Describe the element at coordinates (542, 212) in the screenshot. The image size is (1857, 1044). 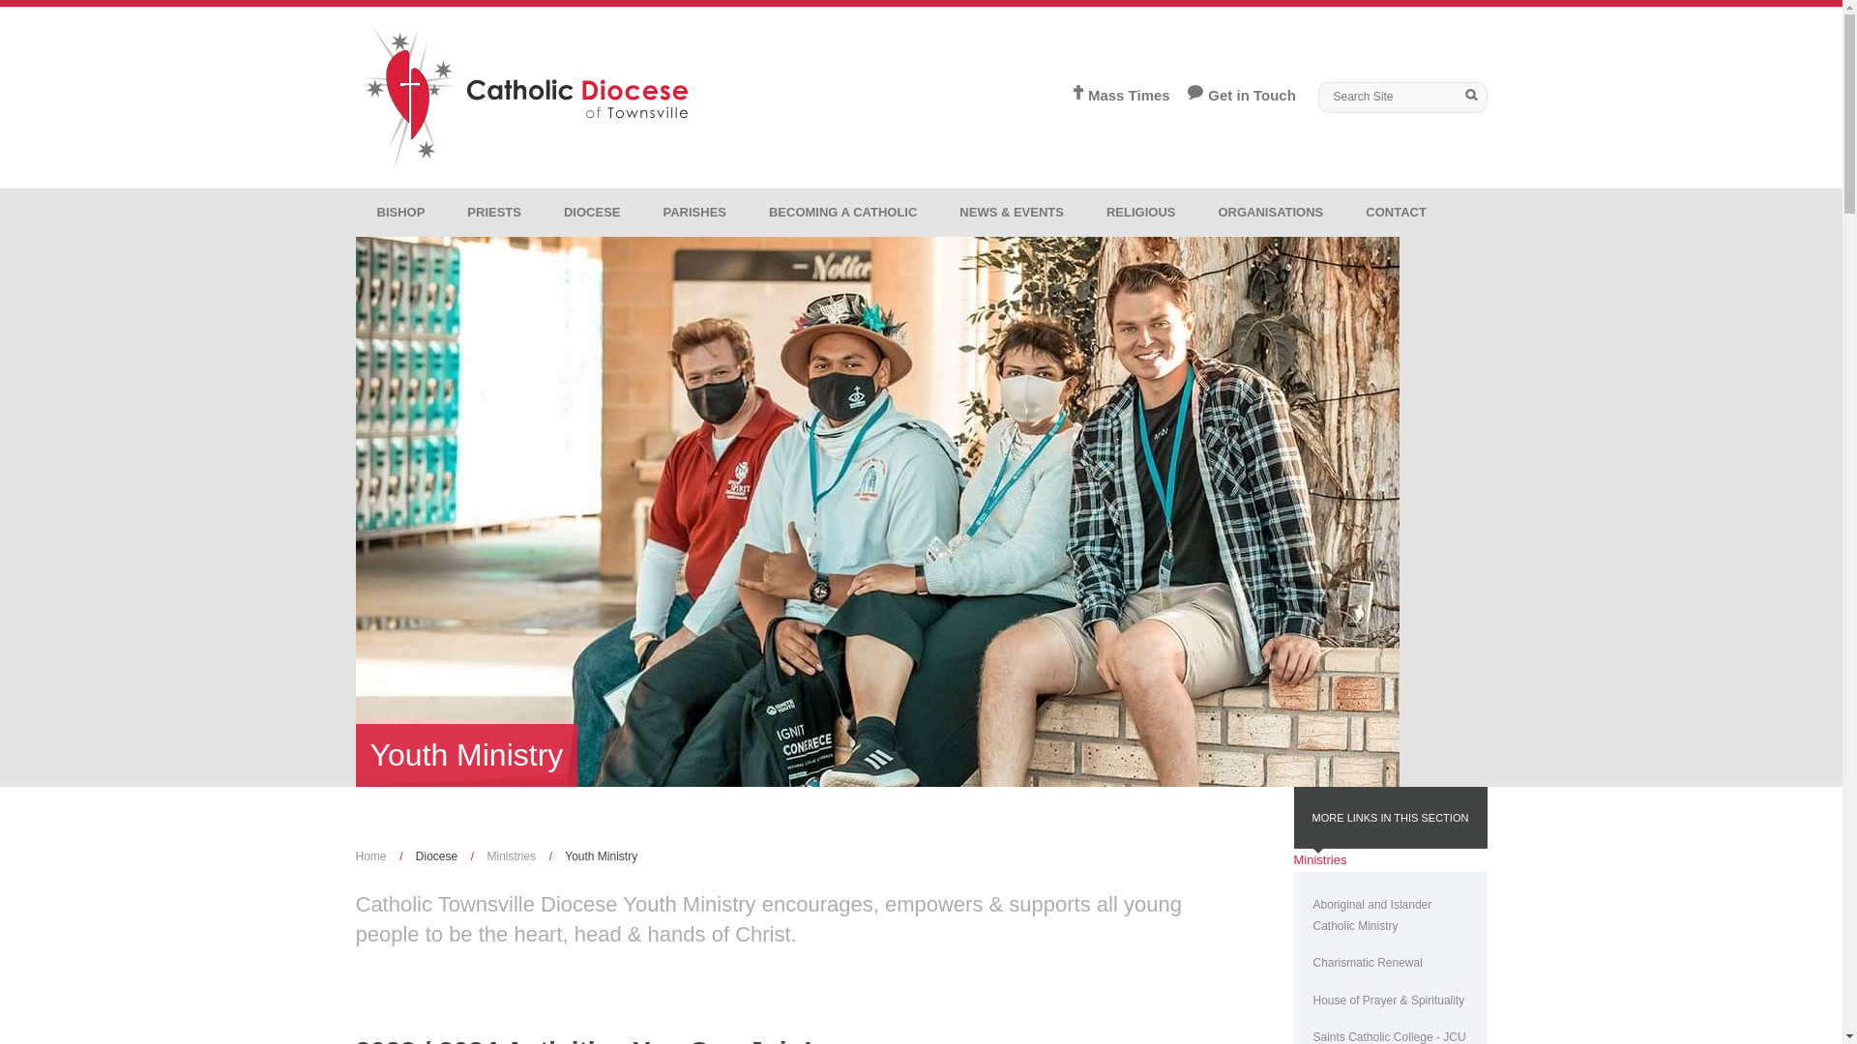
I see `'DIOCESE'` at that location.